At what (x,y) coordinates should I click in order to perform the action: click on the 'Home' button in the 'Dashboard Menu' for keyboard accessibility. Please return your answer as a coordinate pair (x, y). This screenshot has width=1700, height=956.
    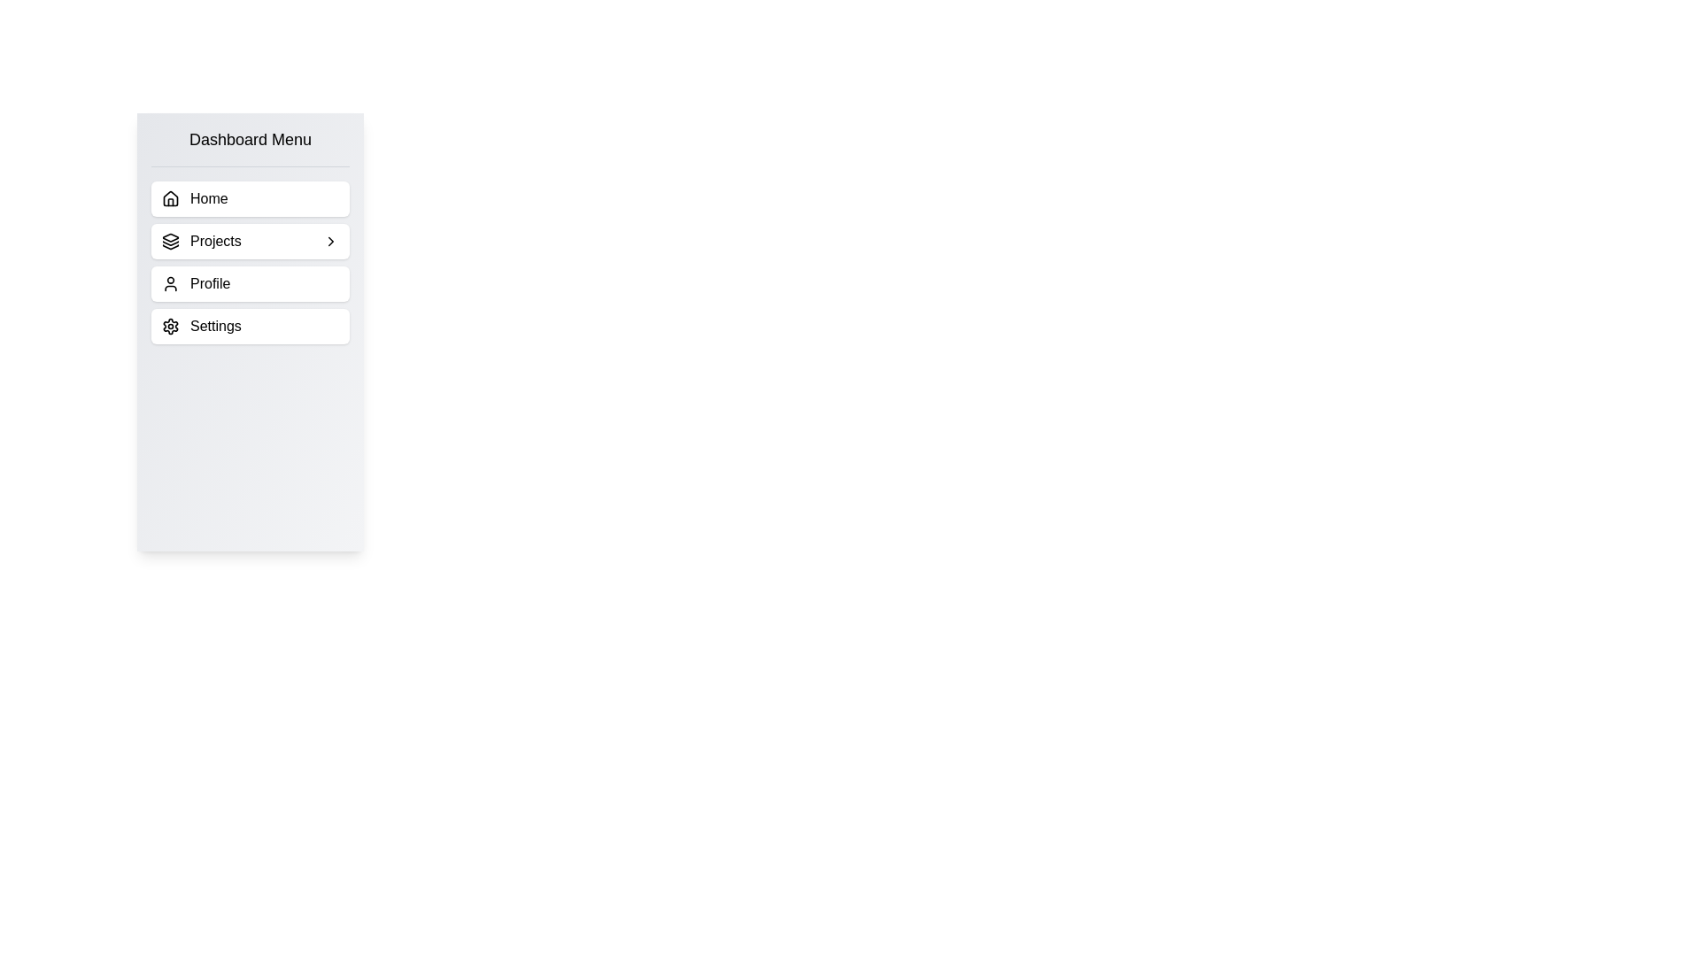
    Looking at the image, I should click on (250, 198).